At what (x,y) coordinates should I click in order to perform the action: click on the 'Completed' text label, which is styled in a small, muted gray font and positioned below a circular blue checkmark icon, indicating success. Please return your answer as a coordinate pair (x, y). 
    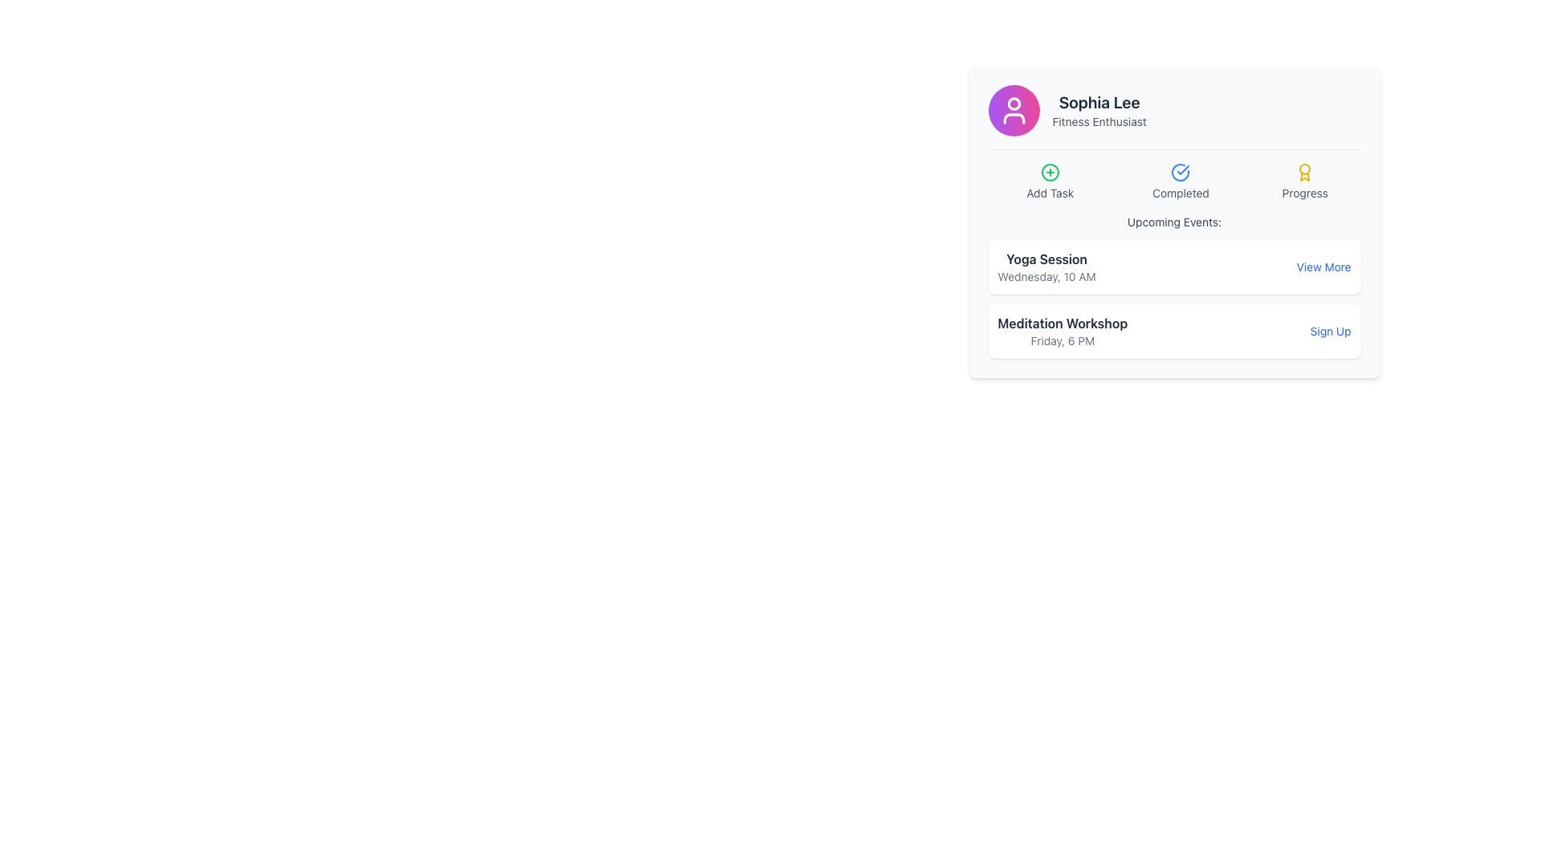
    Looking at the image, I should click on (1181, 192).